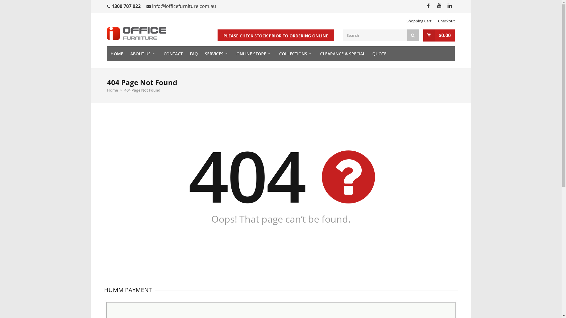 This screenshot has width=566, height=318. What do you see at coordinates (446, 20) in the screenshot?
I see `'Checkout'` at bounding box center [446, 20].